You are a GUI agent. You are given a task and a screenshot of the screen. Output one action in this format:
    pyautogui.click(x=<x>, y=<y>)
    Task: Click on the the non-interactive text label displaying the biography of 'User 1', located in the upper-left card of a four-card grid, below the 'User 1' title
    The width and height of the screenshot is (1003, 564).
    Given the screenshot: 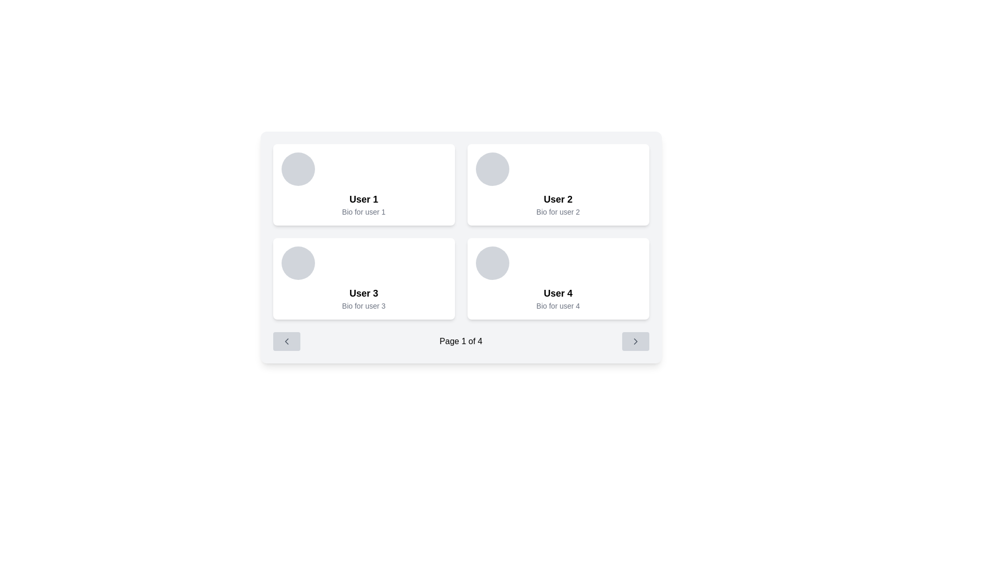 What is the action you would take?
    pyautogui.click(x=364, y=211)
    